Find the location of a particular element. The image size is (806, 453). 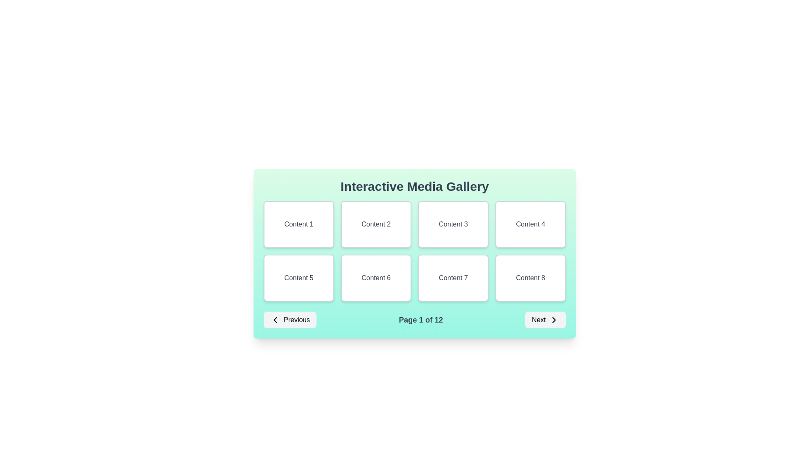

the static card component displaying 'Content 3', which is the third card in the first row of a 4x2 grid layout is located at coordinates (453, 224).